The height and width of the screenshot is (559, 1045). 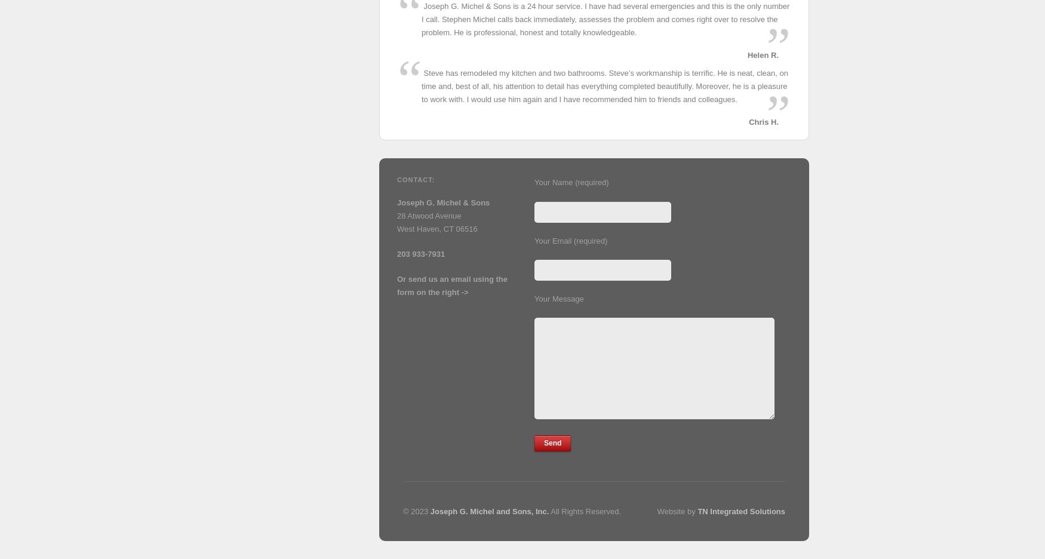 I want to click on 'Chris H.', so click(x=763, y=122).